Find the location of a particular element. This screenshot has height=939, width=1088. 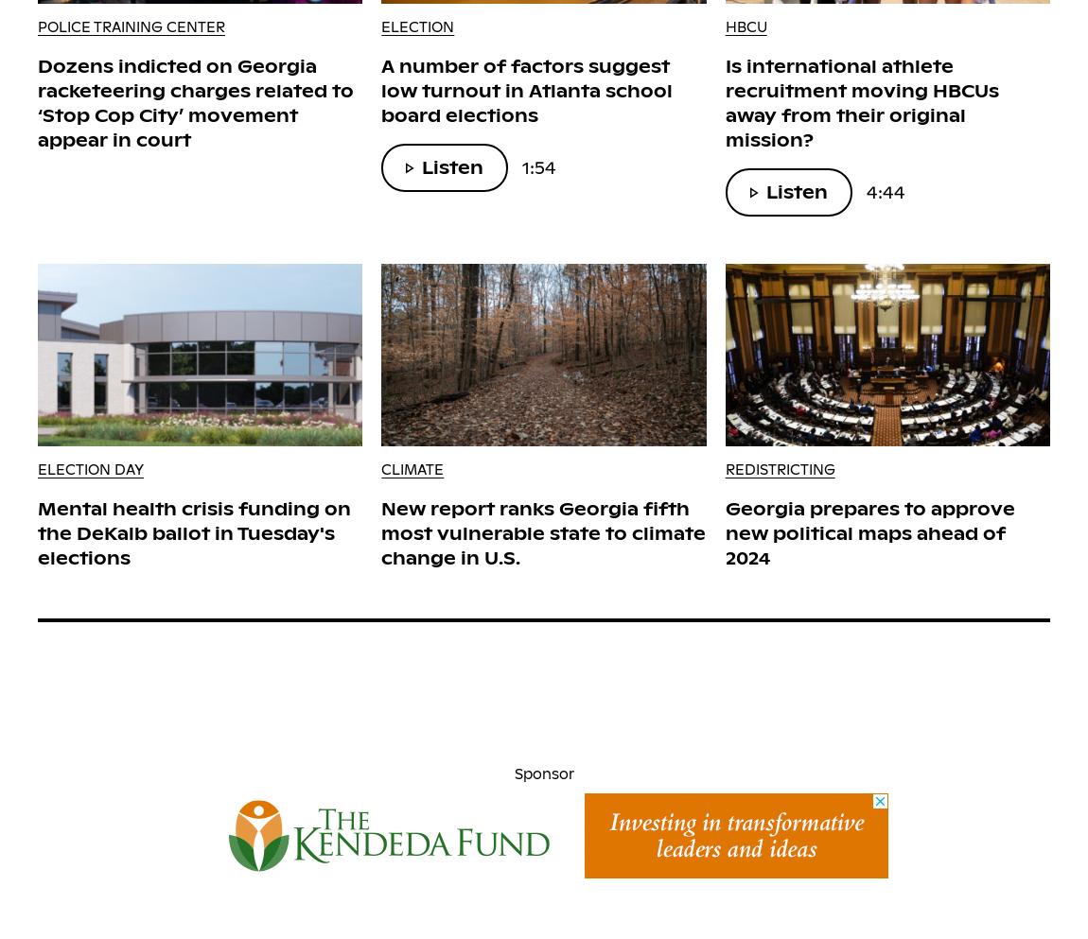

'Redistricting' is located at coordinates (724, 468).